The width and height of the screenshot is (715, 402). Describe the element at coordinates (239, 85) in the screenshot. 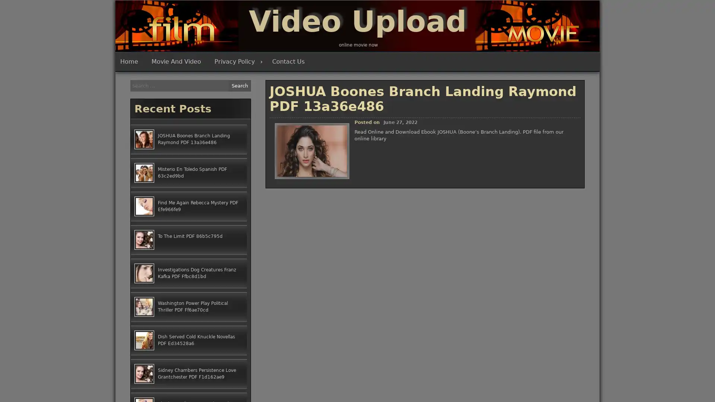

I see `Search` at that location.